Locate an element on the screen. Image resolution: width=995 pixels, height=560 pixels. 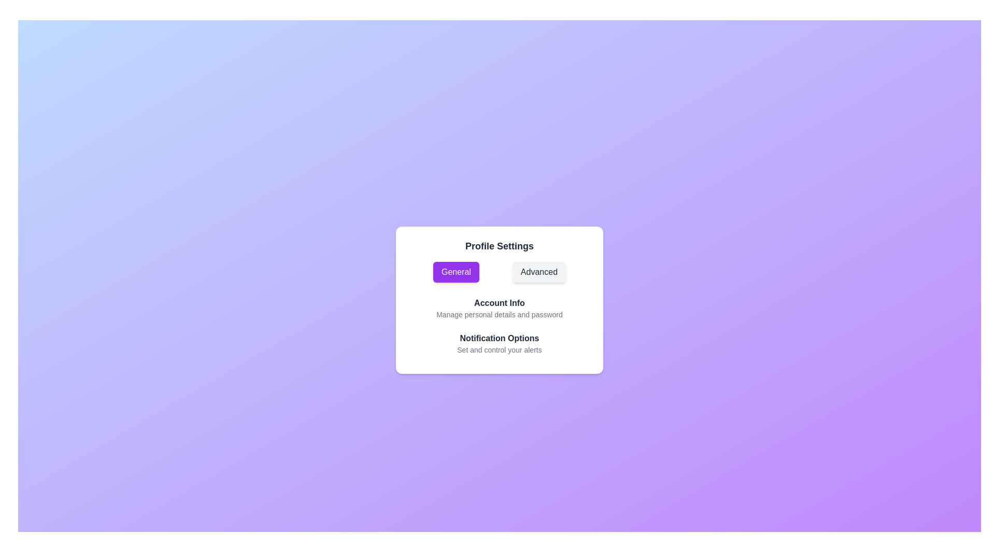
the option Account Info under the selected category is located at coordinates (500, 303).